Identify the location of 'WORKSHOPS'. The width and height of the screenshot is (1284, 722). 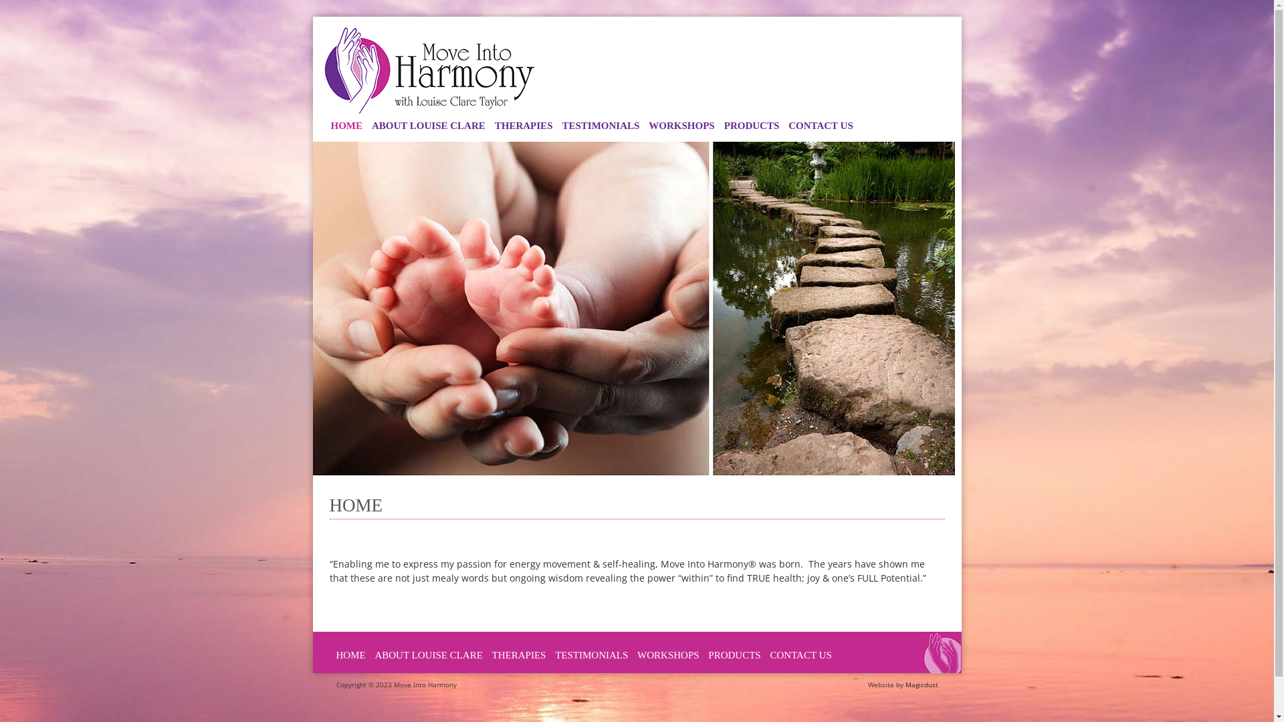
(644, 126).